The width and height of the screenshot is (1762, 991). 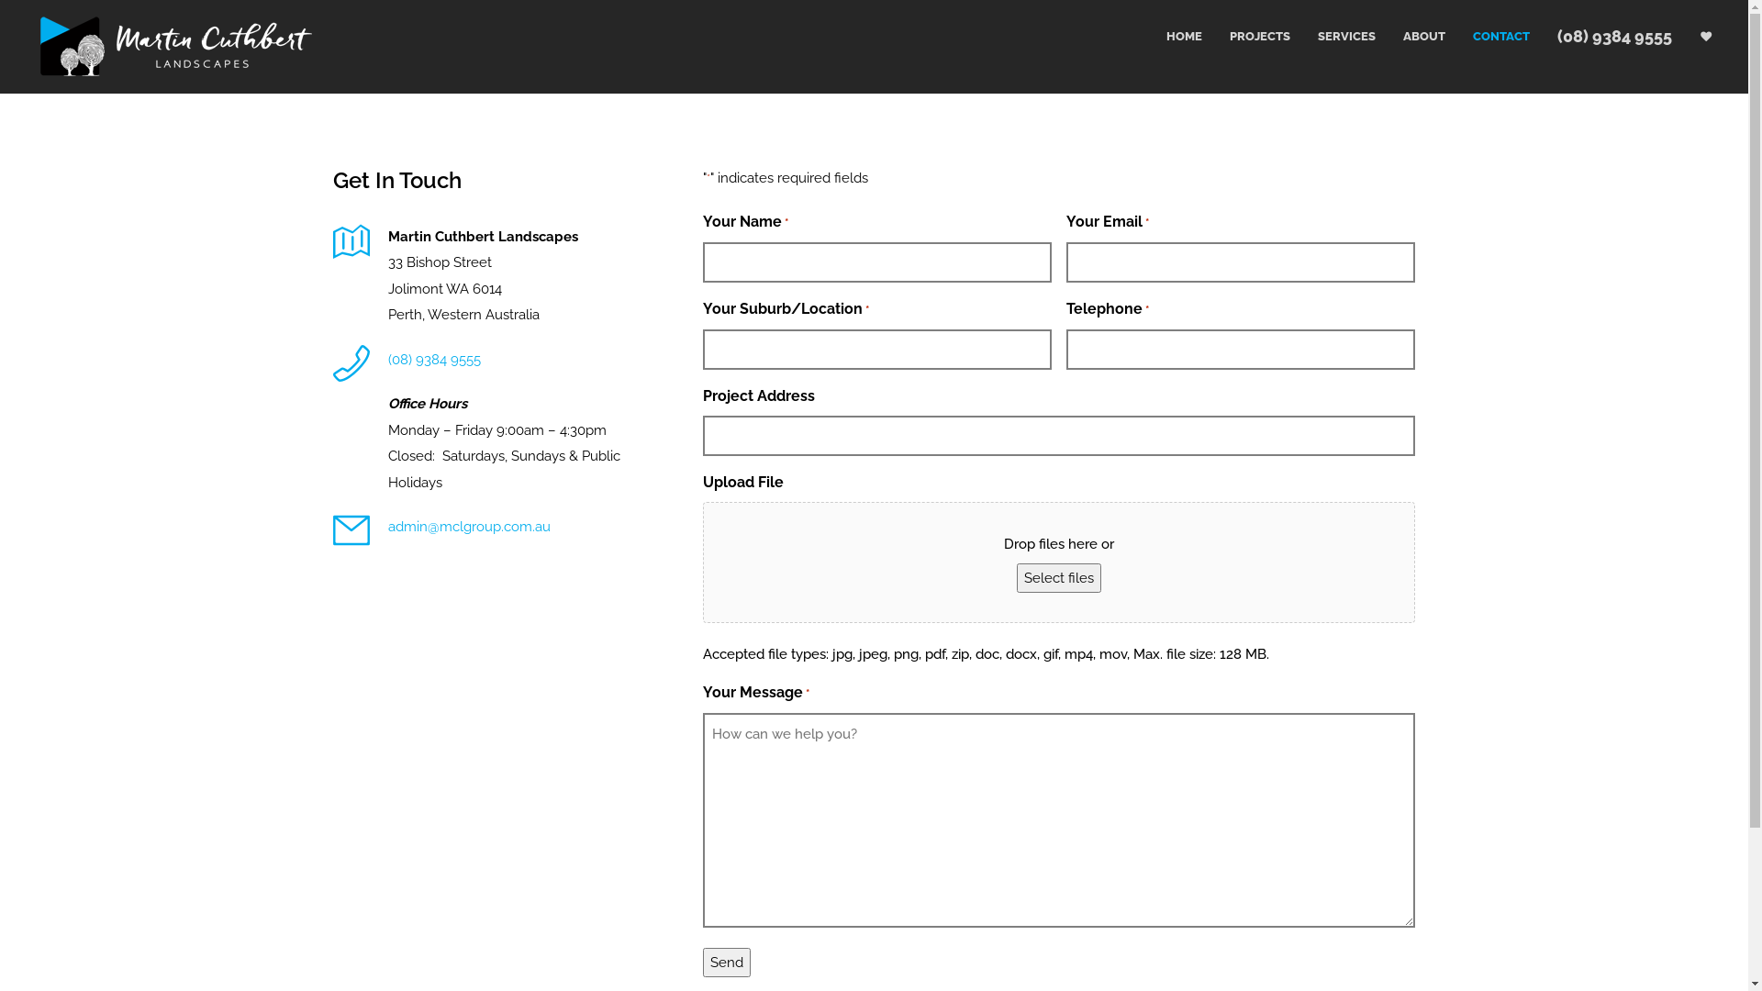 What do you see at coordinates (1600, 36) in the screenshot?
I see `'(08) 9384 9555'` at bounding box center [1600, 36].